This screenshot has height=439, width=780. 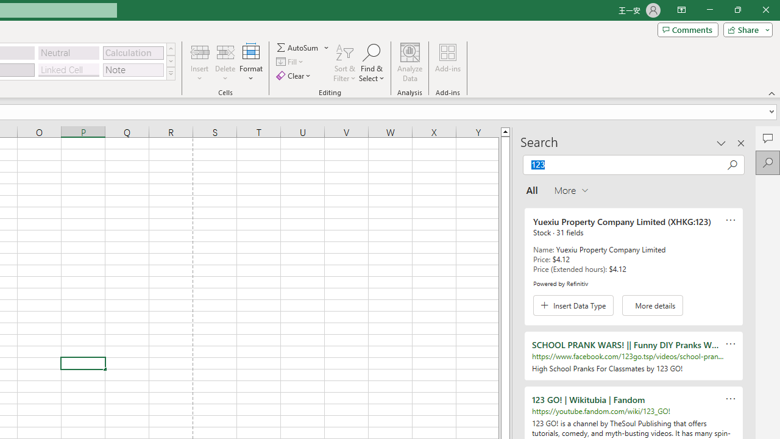 I want to click on 'Fill', so click(x=291, y=62).